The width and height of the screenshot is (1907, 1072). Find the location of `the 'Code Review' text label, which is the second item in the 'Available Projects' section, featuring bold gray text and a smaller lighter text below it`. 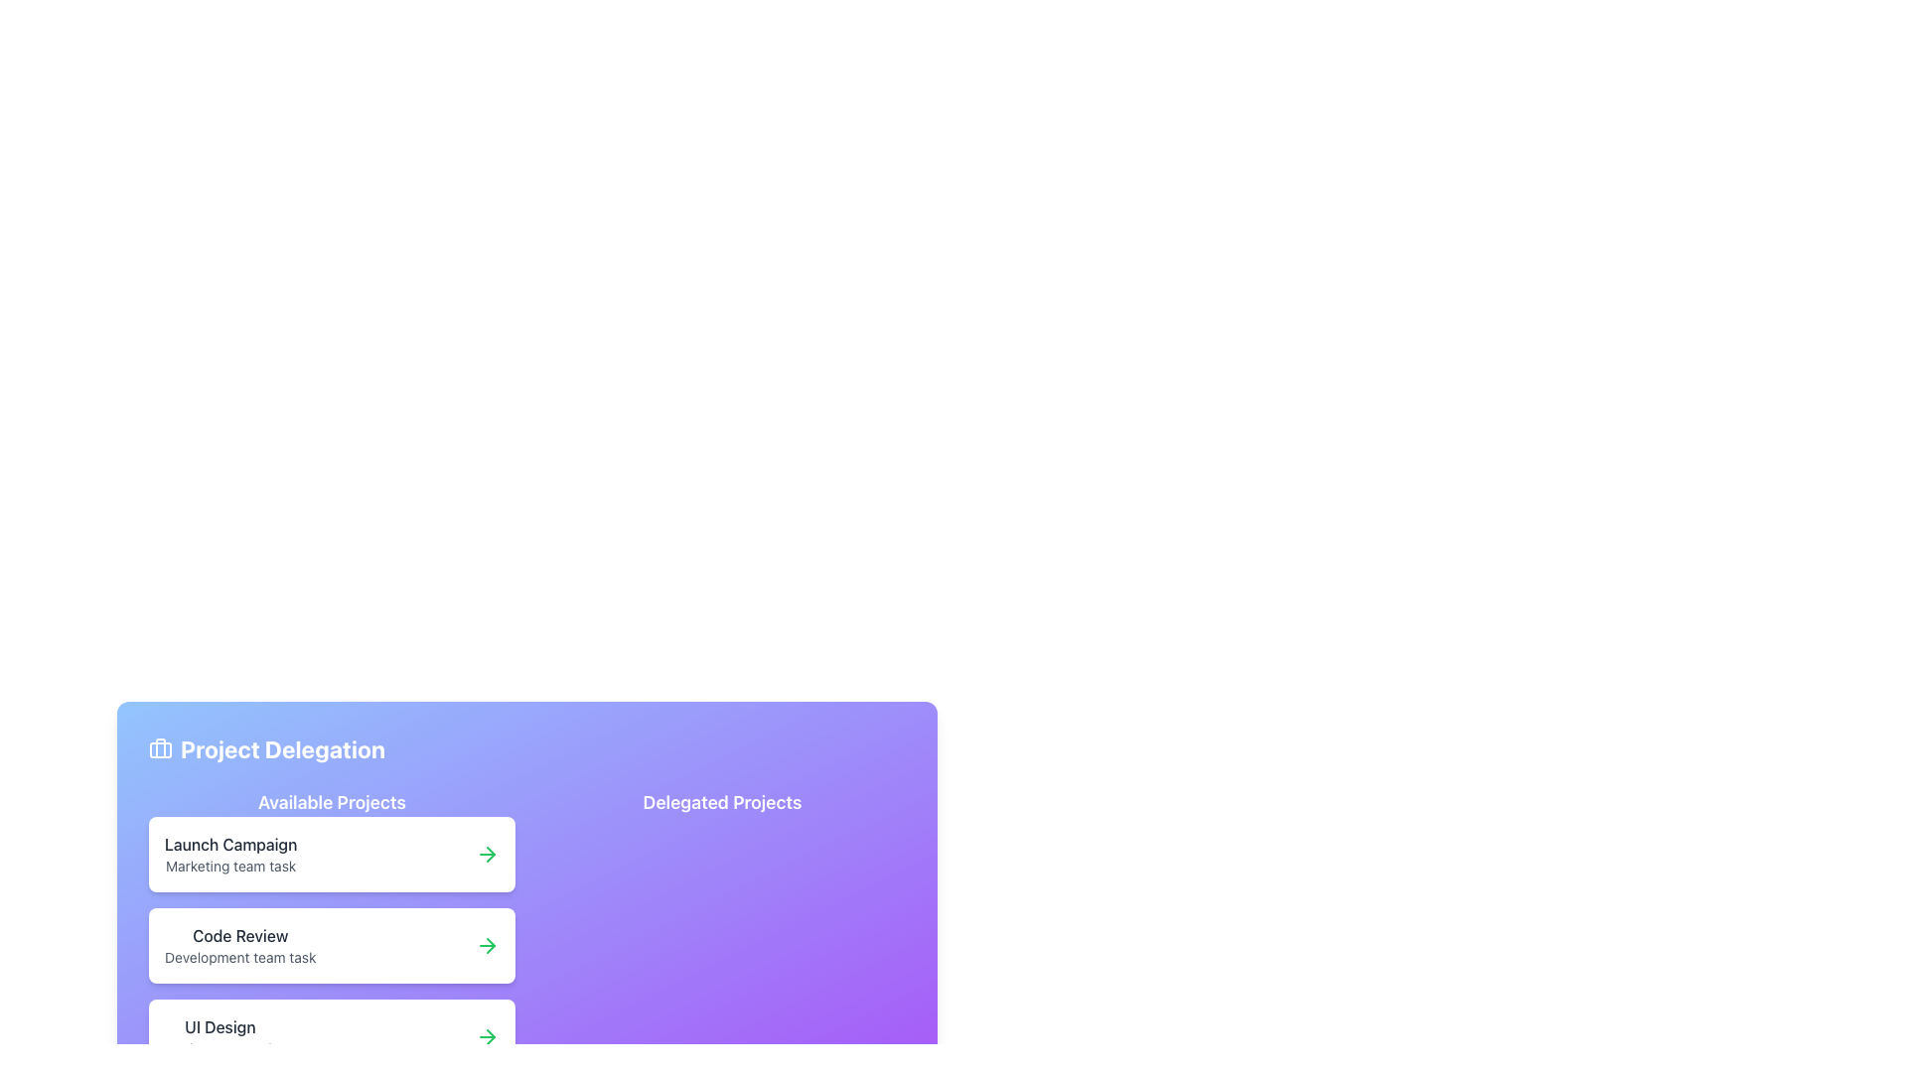

the 'Code Review' text label, which is the second item in the 'Available Projects' section, featuring bold gray text and a smaller lighter text below it is located at coordinates (239, 944).